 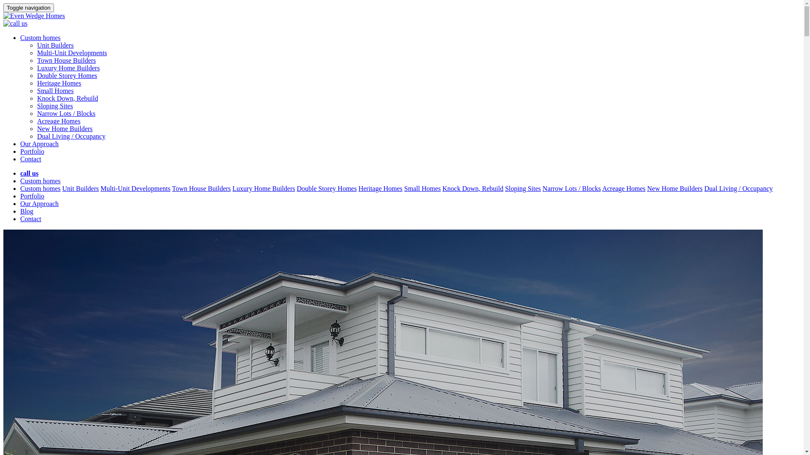 What do you see at coordinates (36, 128) in the screenshot?
I see `'New Home Builders'` at bounding box center [36, 128].